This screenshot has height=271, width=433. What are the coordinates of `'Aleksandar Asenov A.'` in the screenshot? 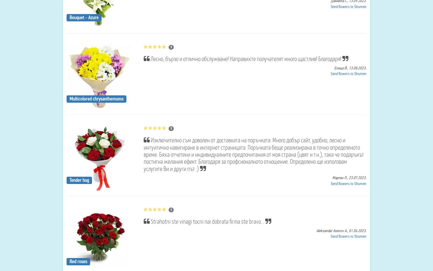 It's located at (316, 230).